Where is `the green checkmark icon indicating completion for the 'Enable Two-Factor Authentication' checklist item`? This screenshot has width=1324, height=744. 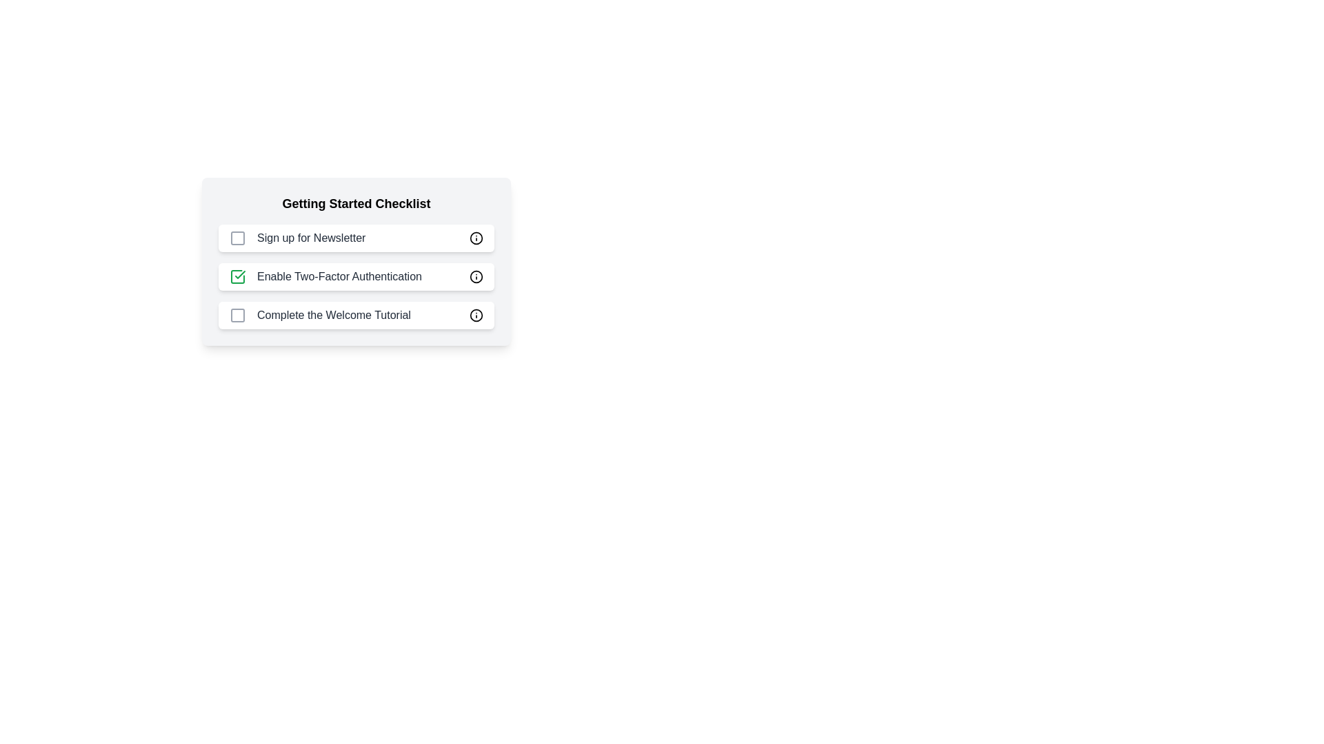 the green checkmark icon indicating completion for the 'Enable Two-Factor Authentication' checklist item is located at coordinates (240, 274).